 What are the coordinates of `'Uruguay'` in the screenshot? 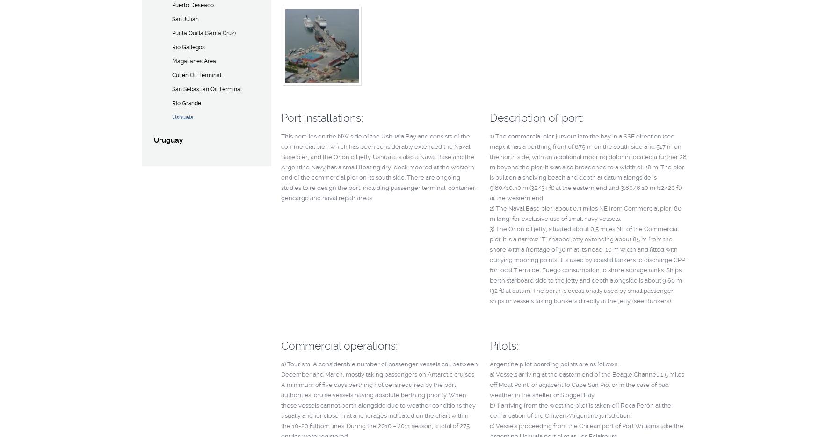 It's located at (167, 140).